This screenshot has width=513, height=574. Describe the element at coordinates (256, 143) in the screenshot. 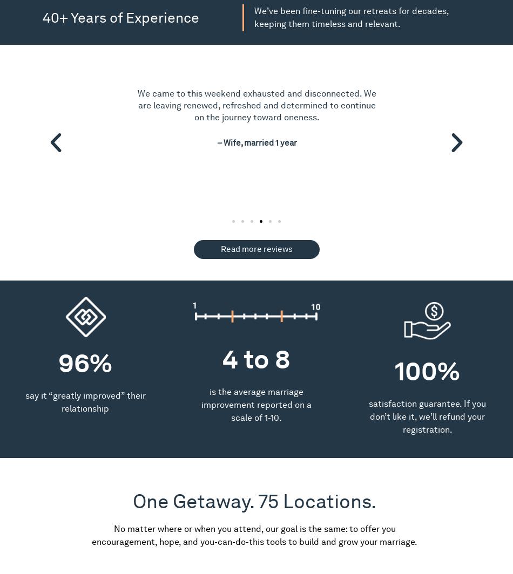

I see `'– Wife, married 1 year'` at that location.